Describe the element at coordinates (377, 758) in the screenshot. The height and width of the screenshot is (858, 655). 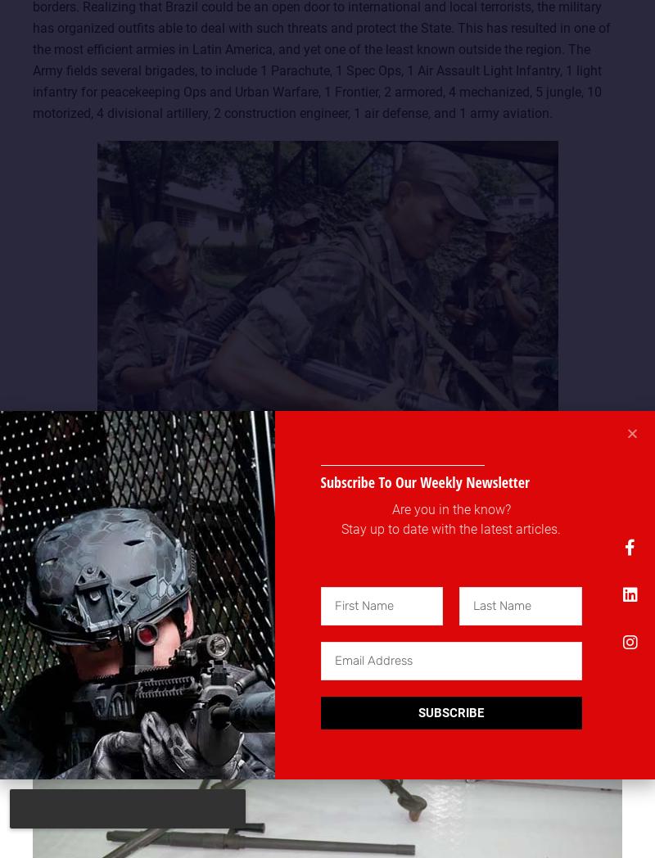
I see `'I Agree'` at that location.